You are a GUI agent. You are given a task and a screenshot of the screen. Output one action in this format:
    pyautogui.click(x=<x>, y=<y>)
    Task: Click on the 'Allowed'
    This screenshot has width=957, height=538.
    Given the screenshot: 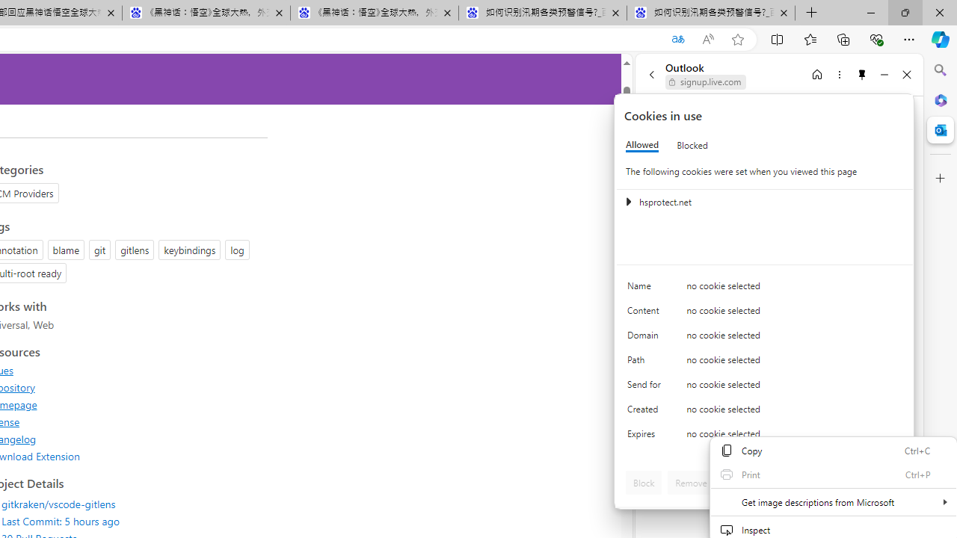 What is the action you would take?
    pyautogui.click(x=642, y=145)
    